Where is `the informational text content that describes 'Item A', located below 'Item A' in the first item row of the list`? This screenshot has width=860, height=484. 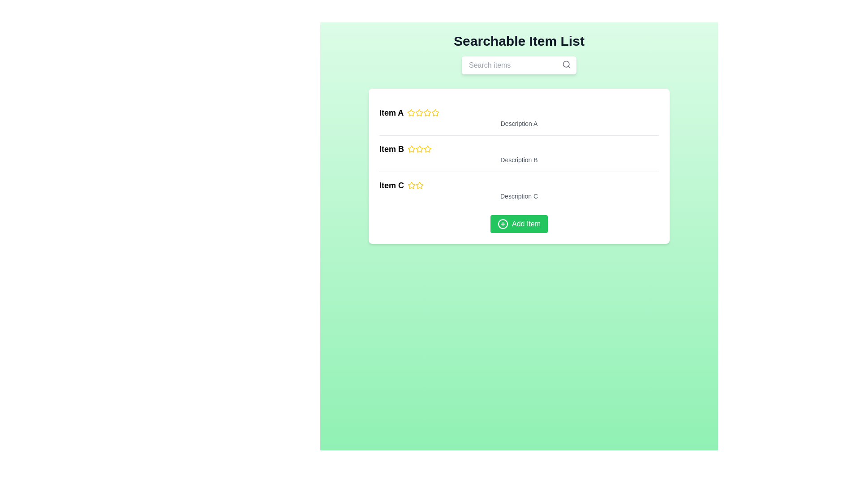 the informational text content that describes 'Item A', located below 'Item A' in the first item row of the list is located at coordinates (519, 124).